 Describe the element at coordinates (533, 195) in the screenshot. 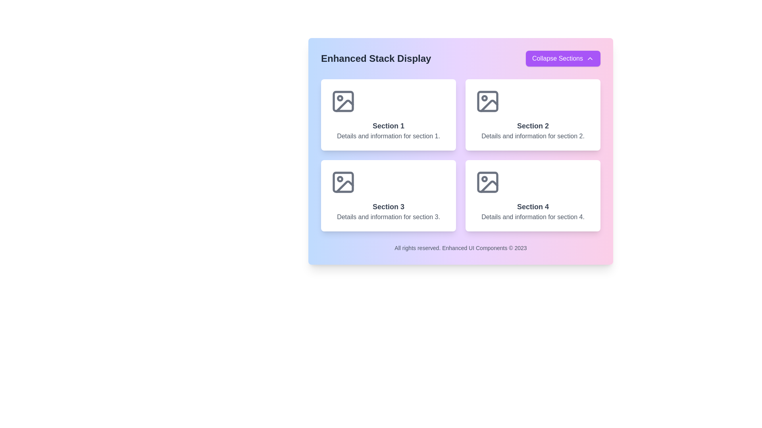

I see `the Card Component presenting information about 'Section 4', located in the bottom-right quadrant of the grid layout` at that location.